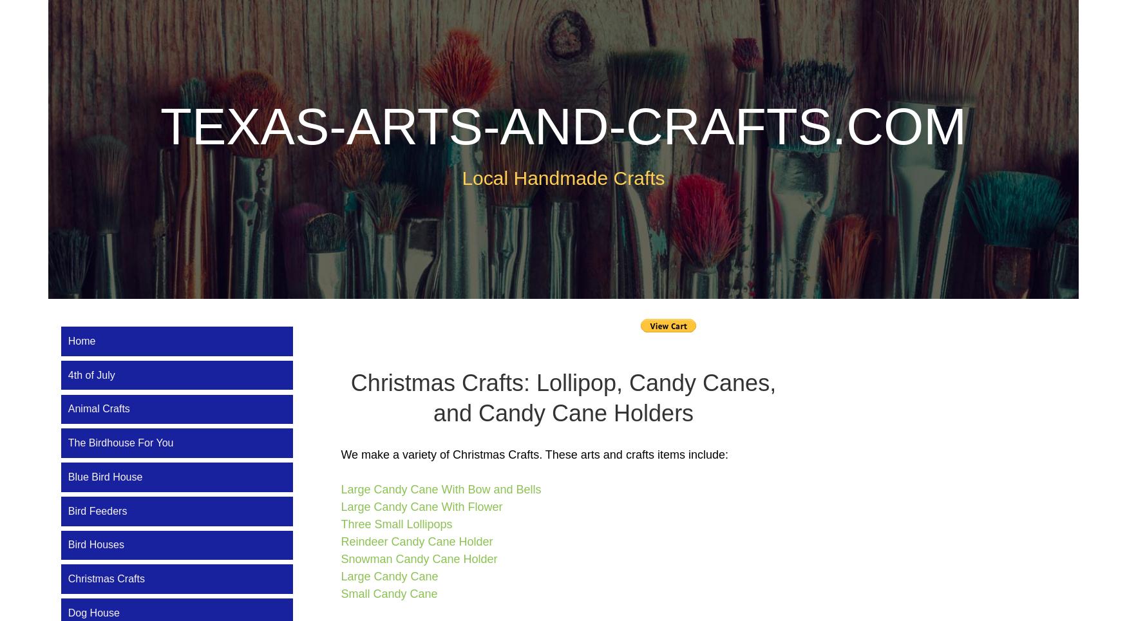 The width and height of the screenshot is (1127, 621). Describe the element at coordinates (97, 510) in the screenshot. I see `'Bird Feeders'` at that location.